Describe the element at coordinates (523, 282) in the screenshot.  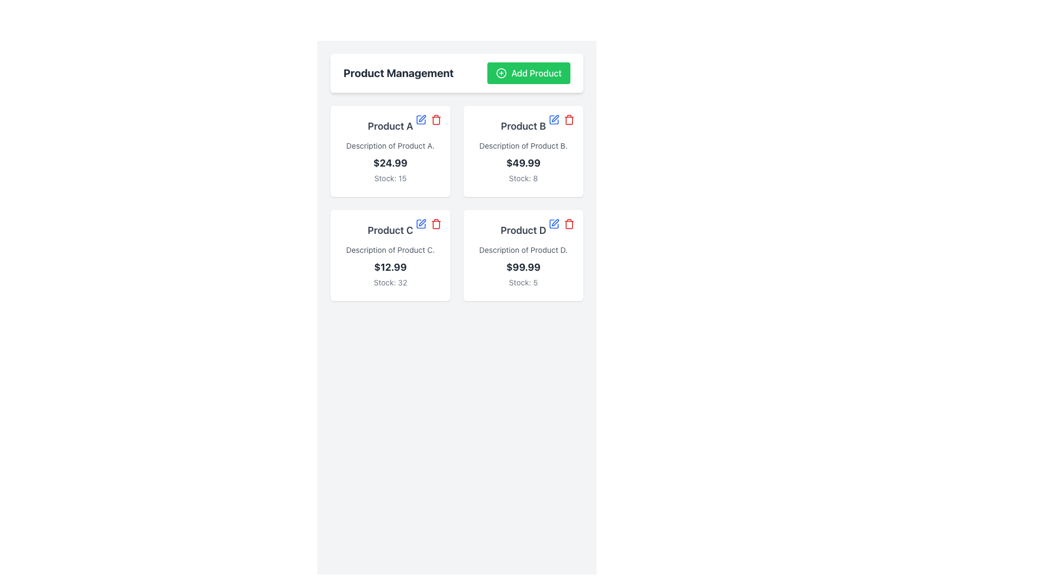
I see `the text displaying 'Stock: 5' which is located below the price '$99.99' in the fourth product card titled 'Product D'` at that location.